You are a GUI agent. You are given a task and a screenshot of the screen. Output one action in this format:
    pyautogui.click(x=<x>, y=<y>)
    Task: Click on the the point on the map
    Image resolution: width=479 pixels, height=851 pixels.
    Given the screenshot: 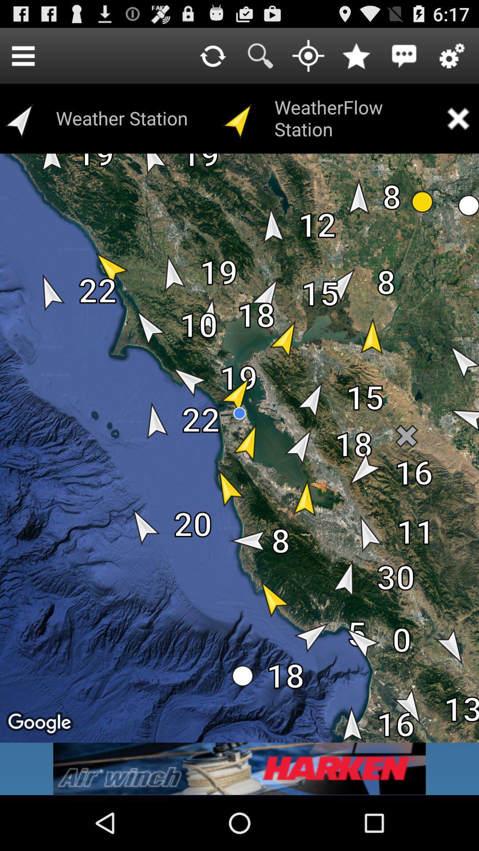 What is the action you would take?
    pyautogui.click(x=308, y=55)
    